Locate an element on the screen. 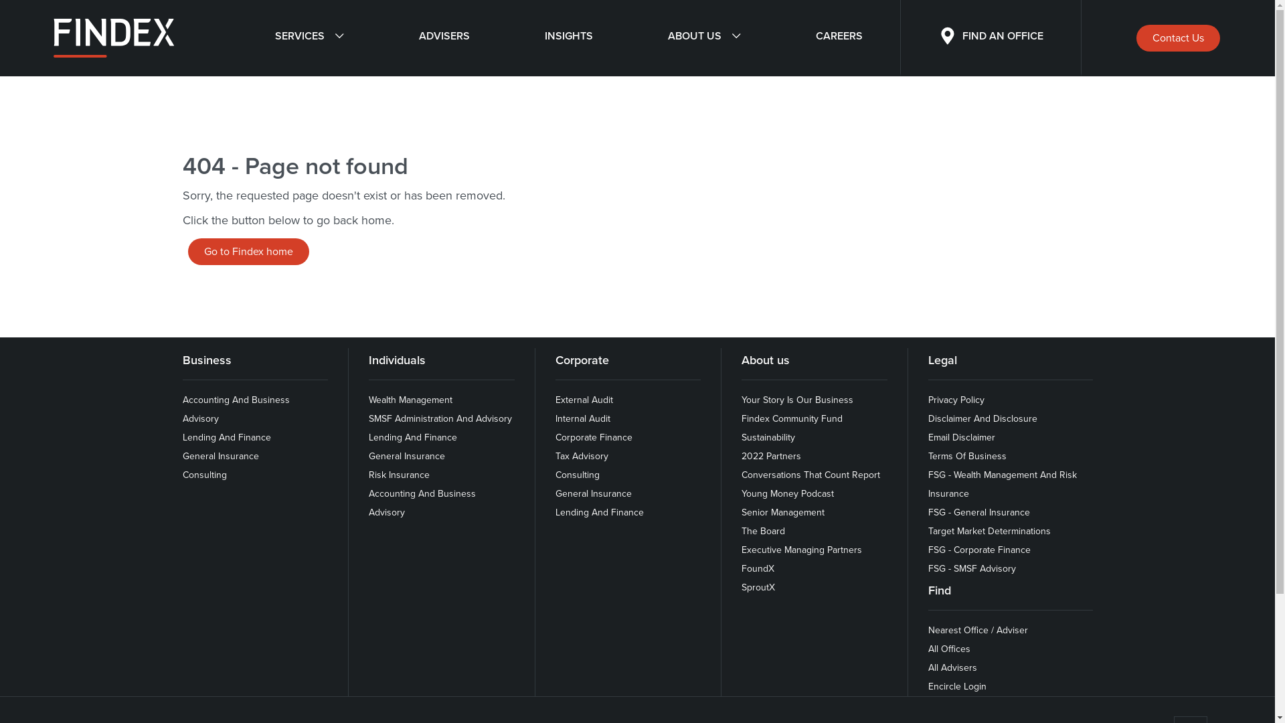 The width and height of the screenshot is (1285, 723). 'Disclaimer And Disclosure' is located at coordinates (982, 418).